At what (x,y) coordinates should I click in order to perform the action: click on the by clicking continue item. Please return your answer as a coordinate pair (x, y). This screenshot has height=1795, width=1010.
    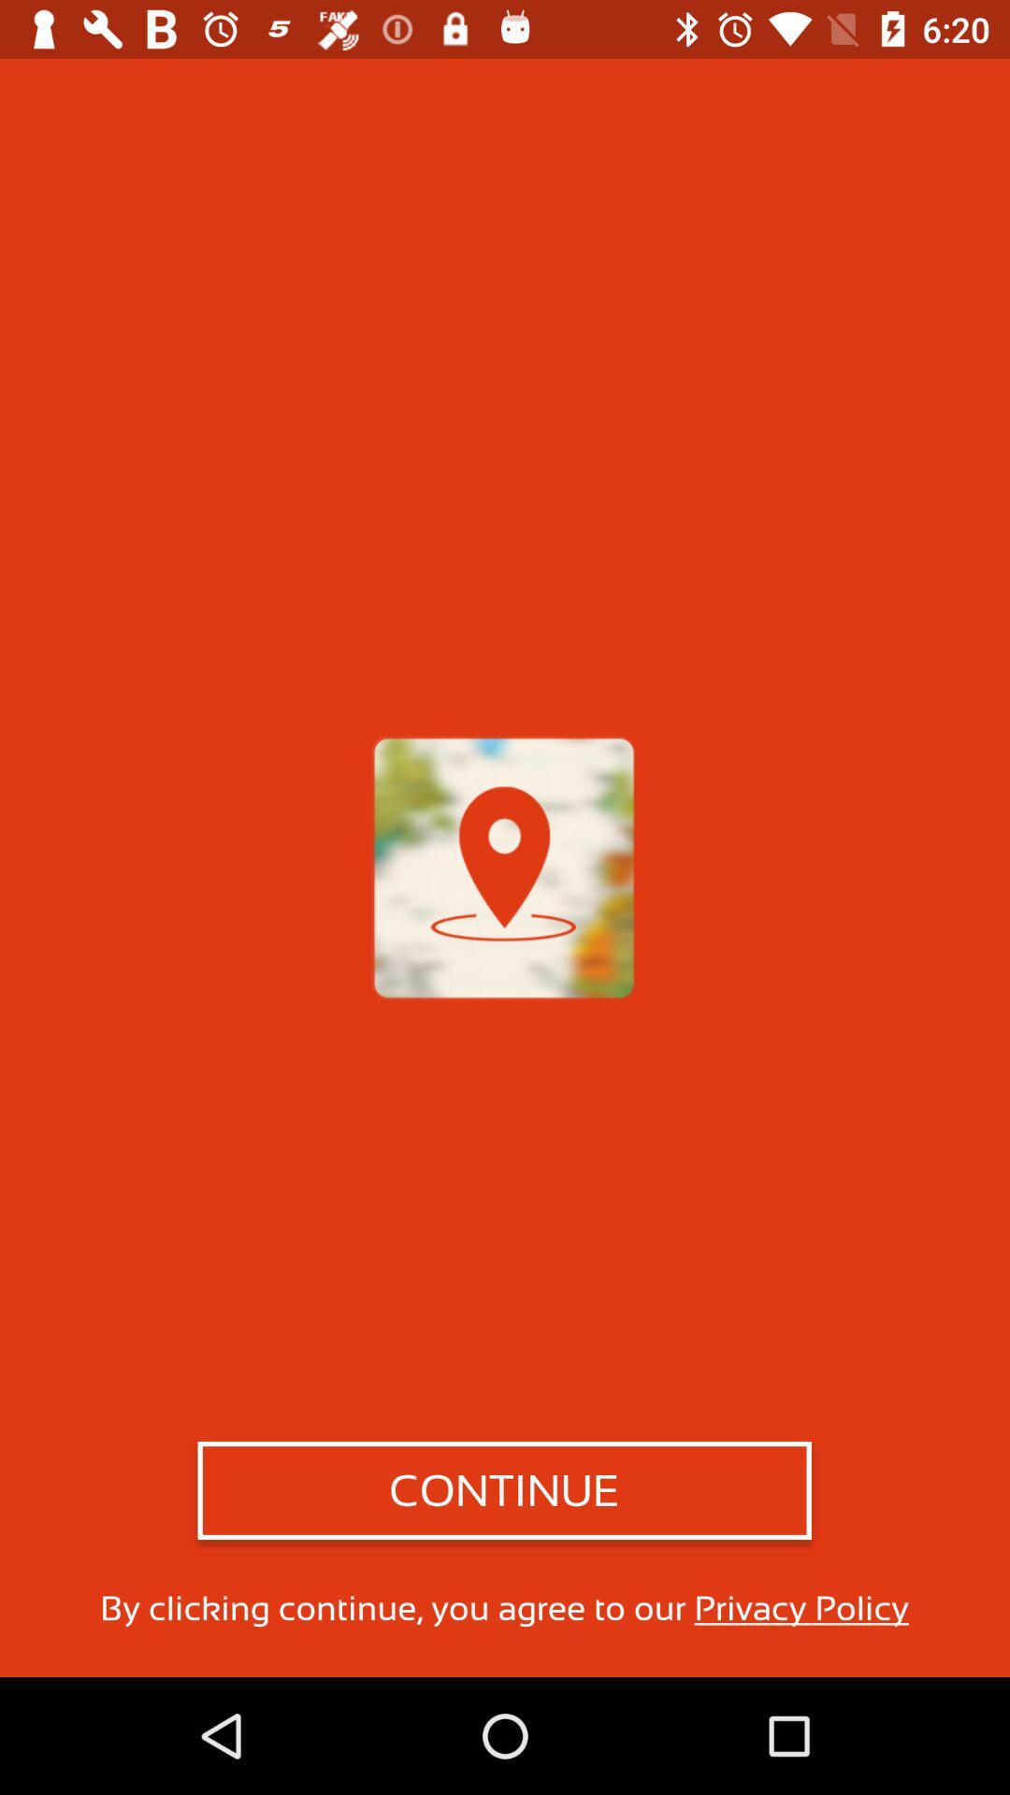
    Looking at the image, I should click on (503, 1607).